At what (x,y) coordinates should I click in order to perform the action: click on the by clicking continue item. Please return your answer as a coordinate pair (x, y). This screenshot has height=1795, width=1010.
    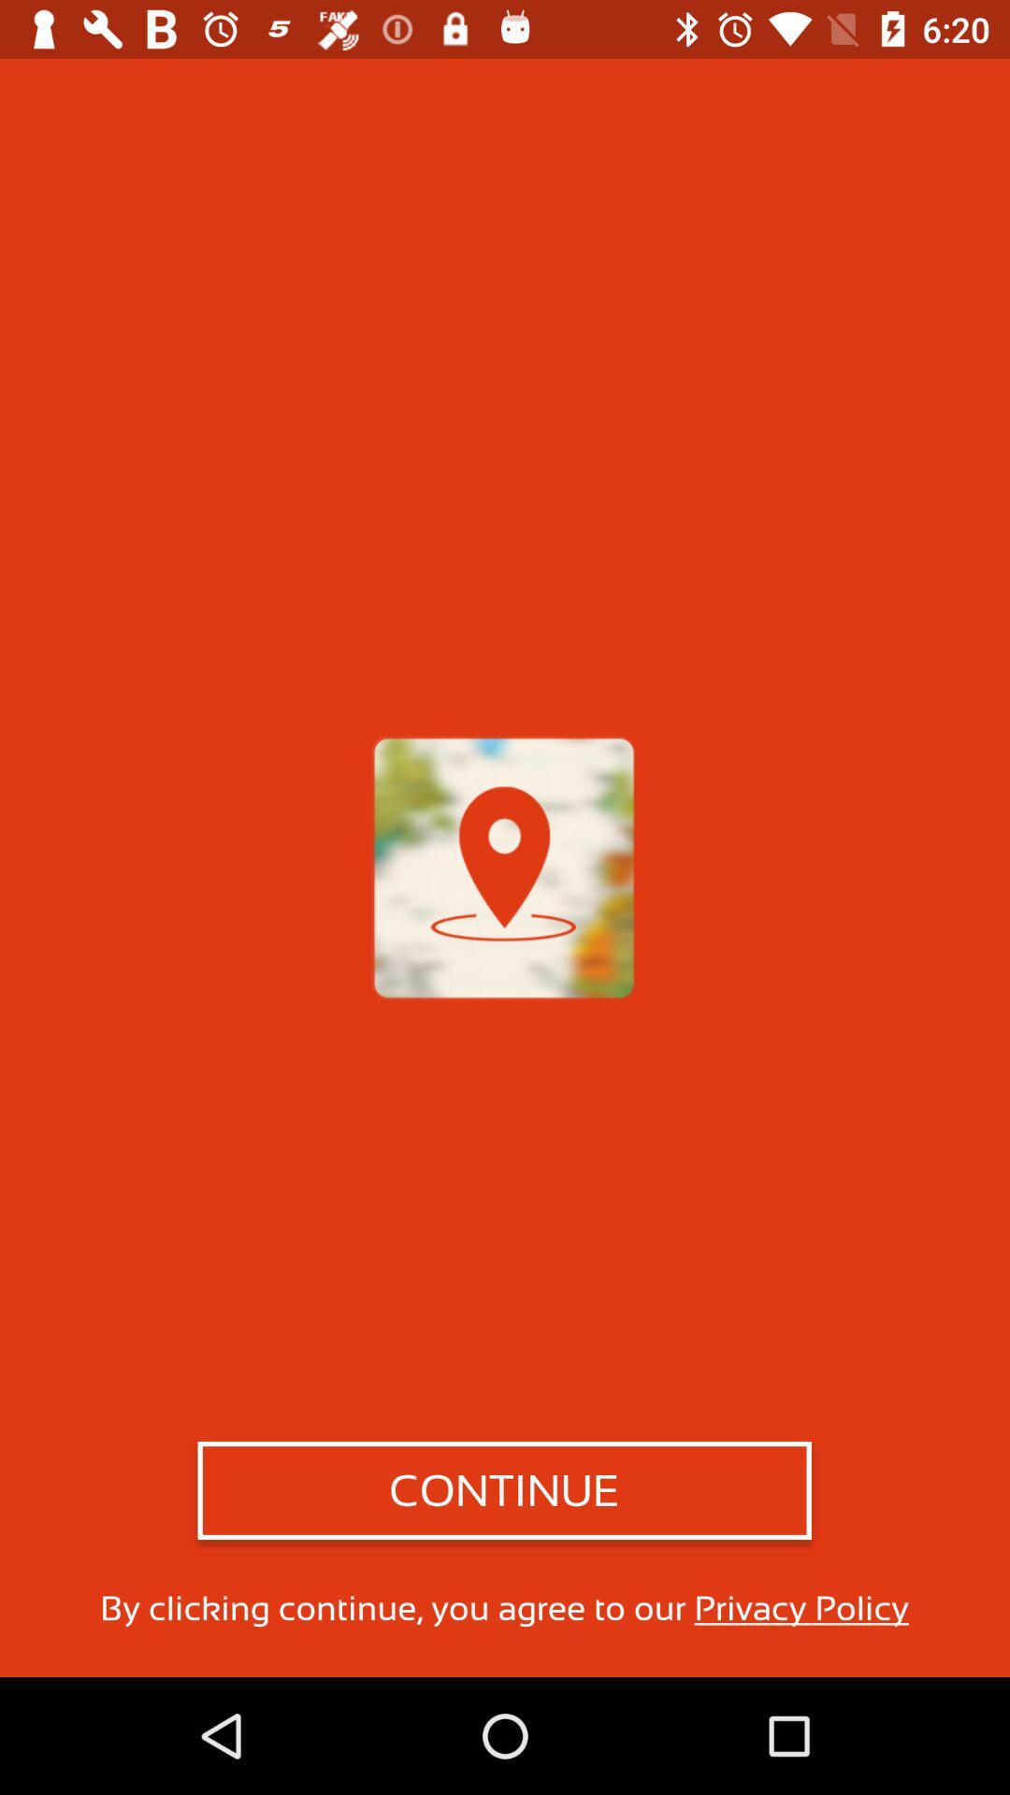
    Looking at the image, I should click on (503, 1607).